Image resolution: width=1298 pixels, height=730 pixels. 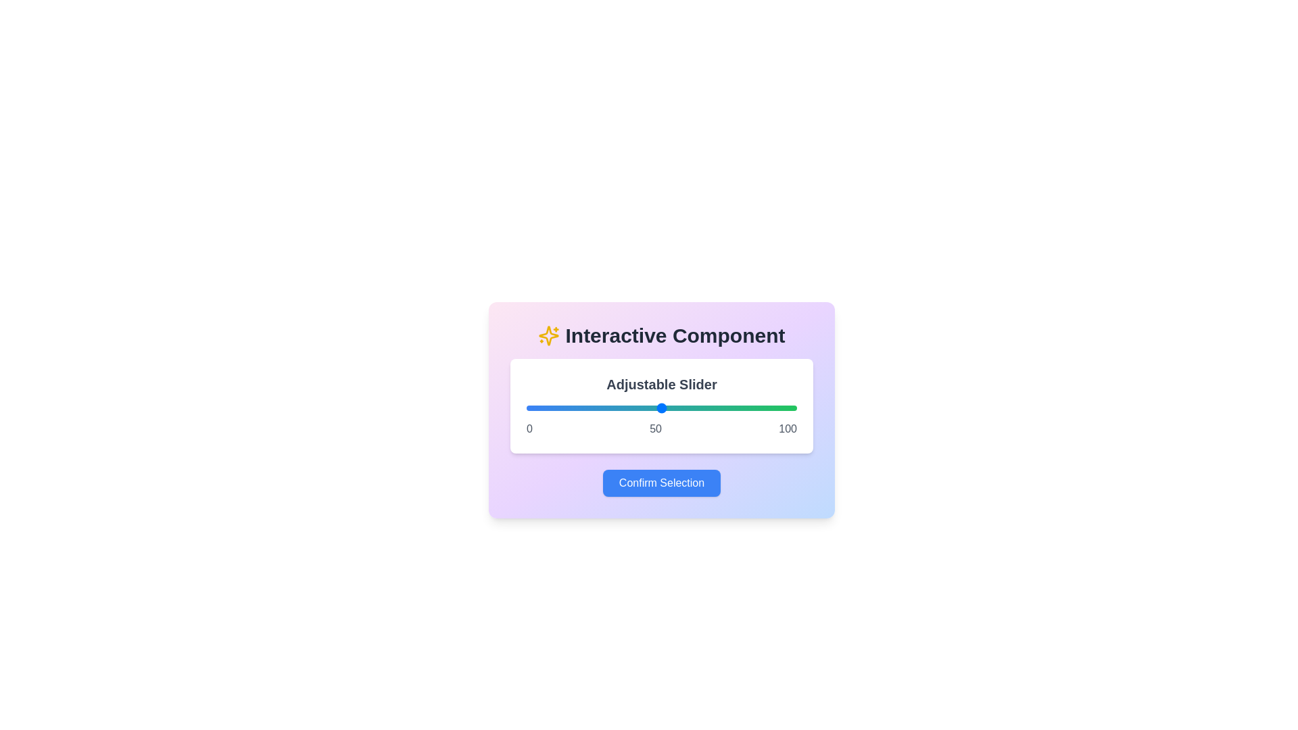 What do you see at coordinates (572, 408) in the screenshot?
I see `the slider to set its value to 17` at bounding box center [572, 408].